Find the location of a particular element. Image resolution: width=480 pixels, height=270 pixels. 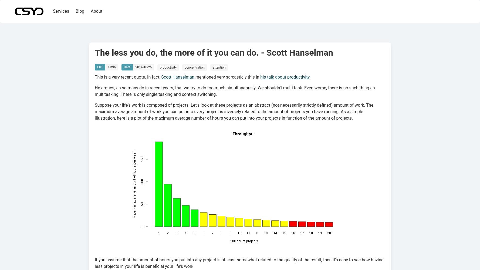

'The less you do, the more of it you can do. - Scott Hanselman' is located at coordinates (214, 52).